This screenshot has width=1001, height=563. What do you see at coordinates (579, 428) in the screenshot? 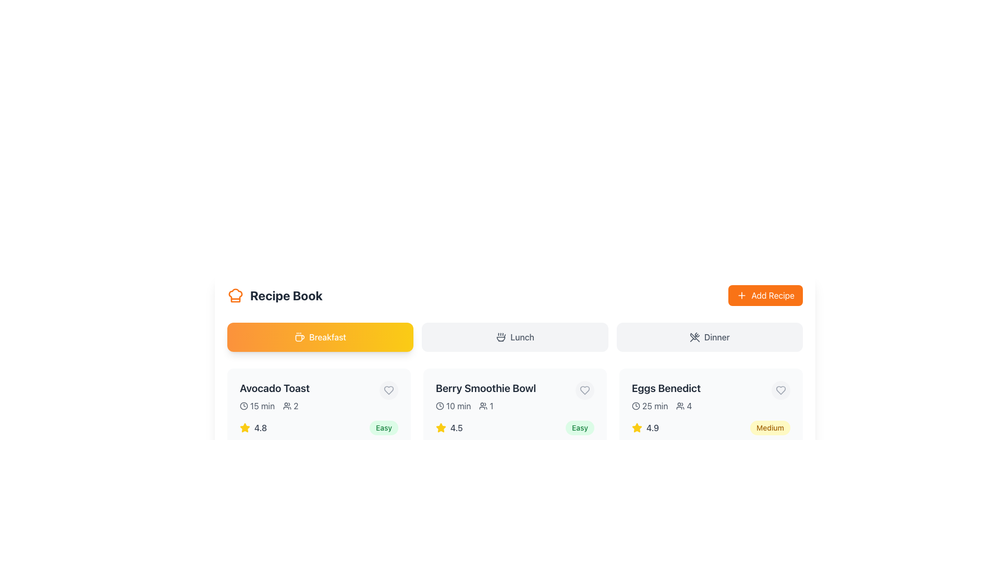
I see `text from the label displaying 'Easy' with a green background, part of the recipe 'Berry Smoothie Bowl' list` at bounding box center [579, 428].